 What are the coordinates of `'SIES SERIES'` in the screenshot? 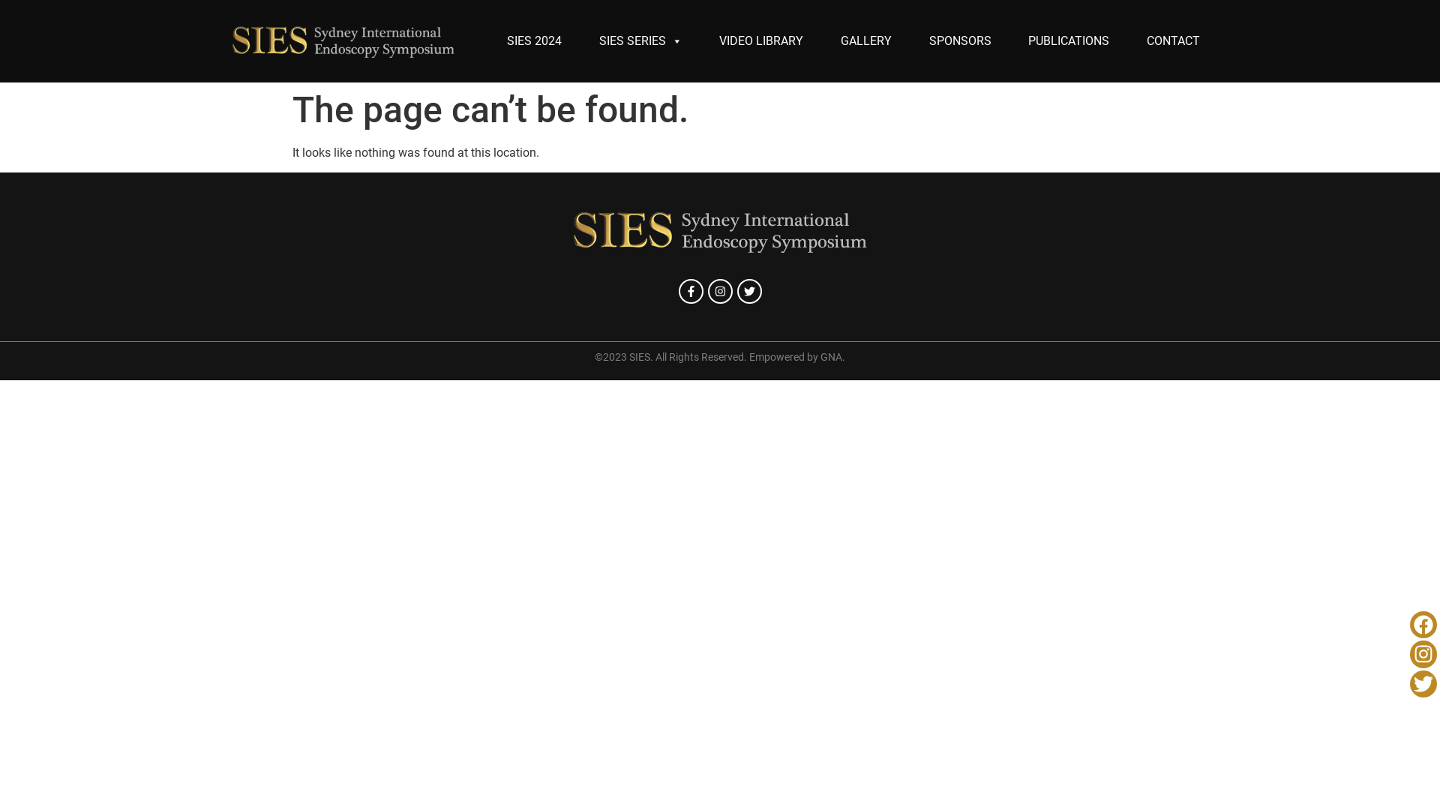 It's located at (640, 40).